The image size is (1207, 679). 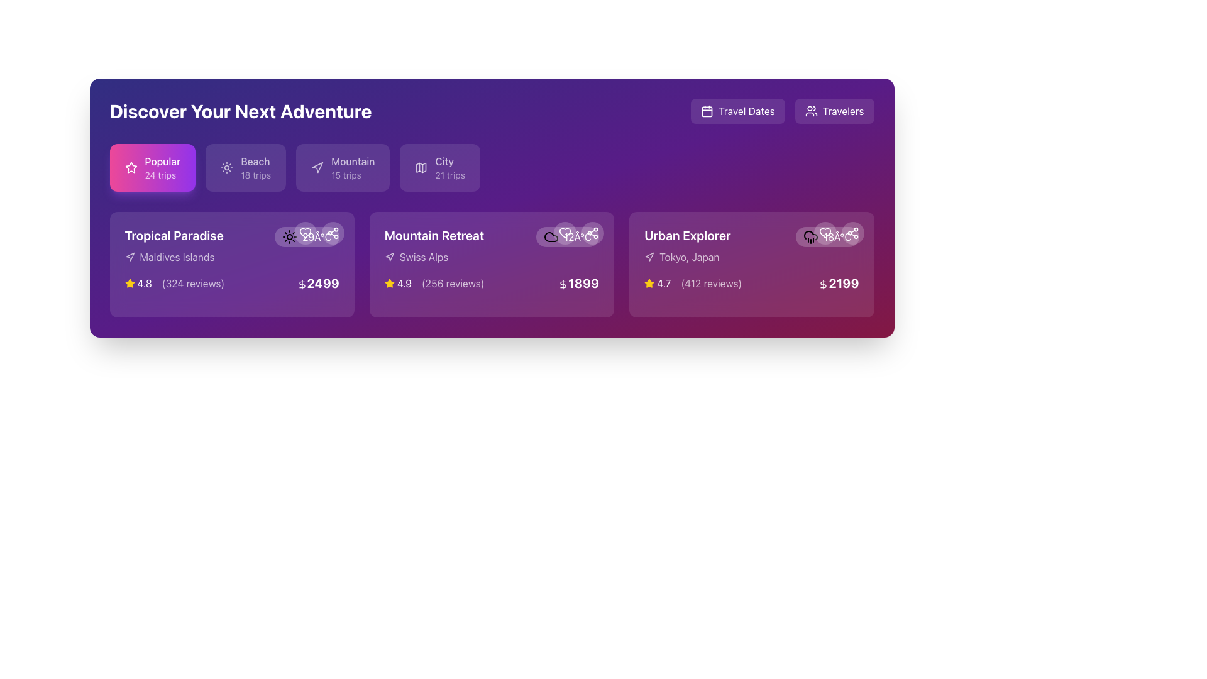 I want to click on the visual details of the navigation icon located at the top-right corner of the 'Mountain Retreat' card, so click(x=389, y=256).